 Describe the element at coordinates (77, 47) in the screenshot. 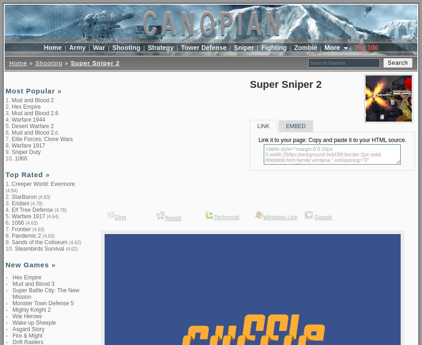

I see `'Army'` at that location.